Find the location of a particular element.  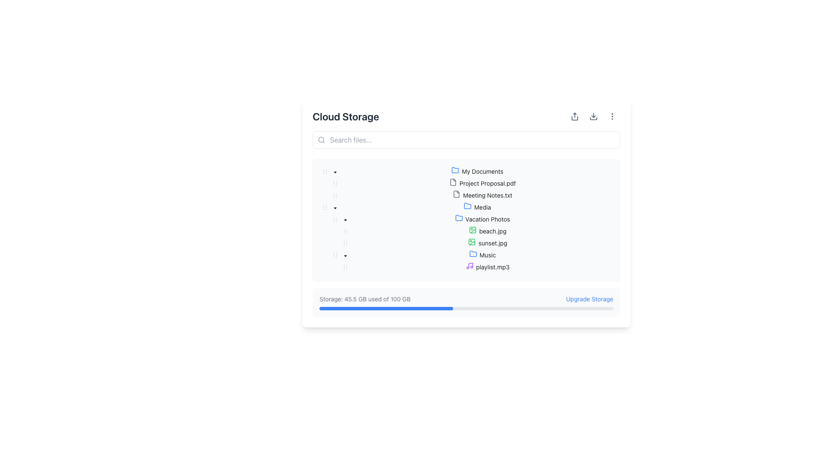

the text label representing 'Meeting Notes.txt' is located at coordinates (488, 195).